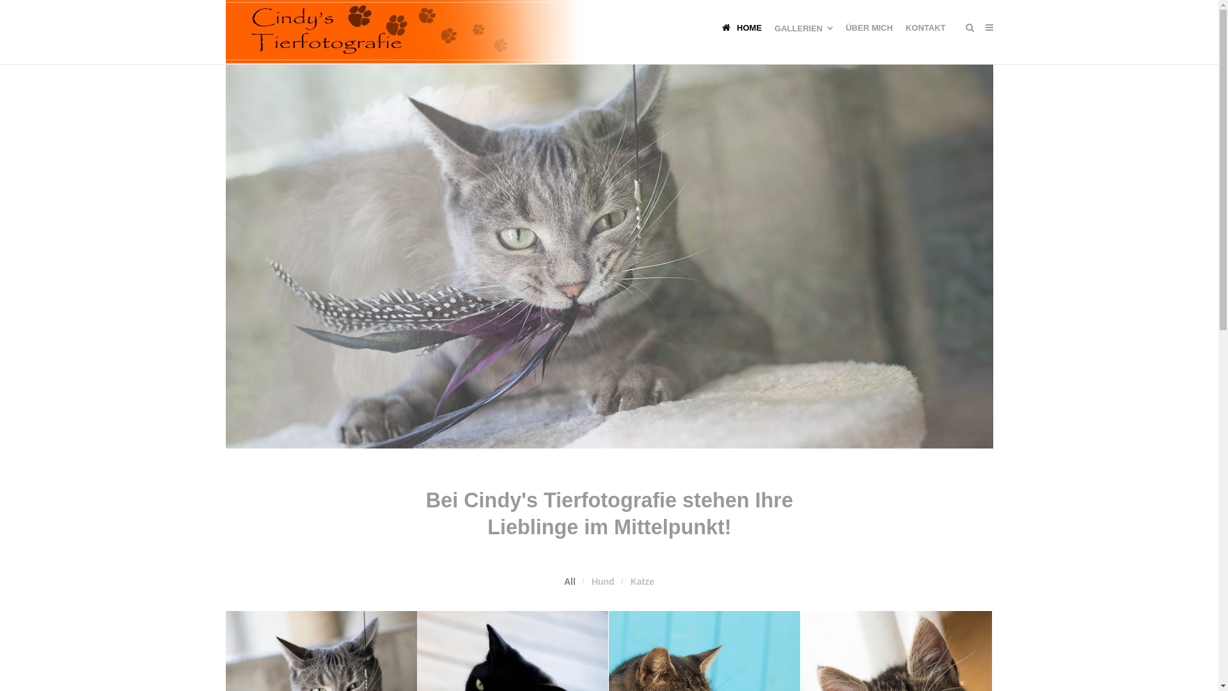 The width and height of the screenshot is (1228, 691). I want to click on 'All', so click(569, 582).